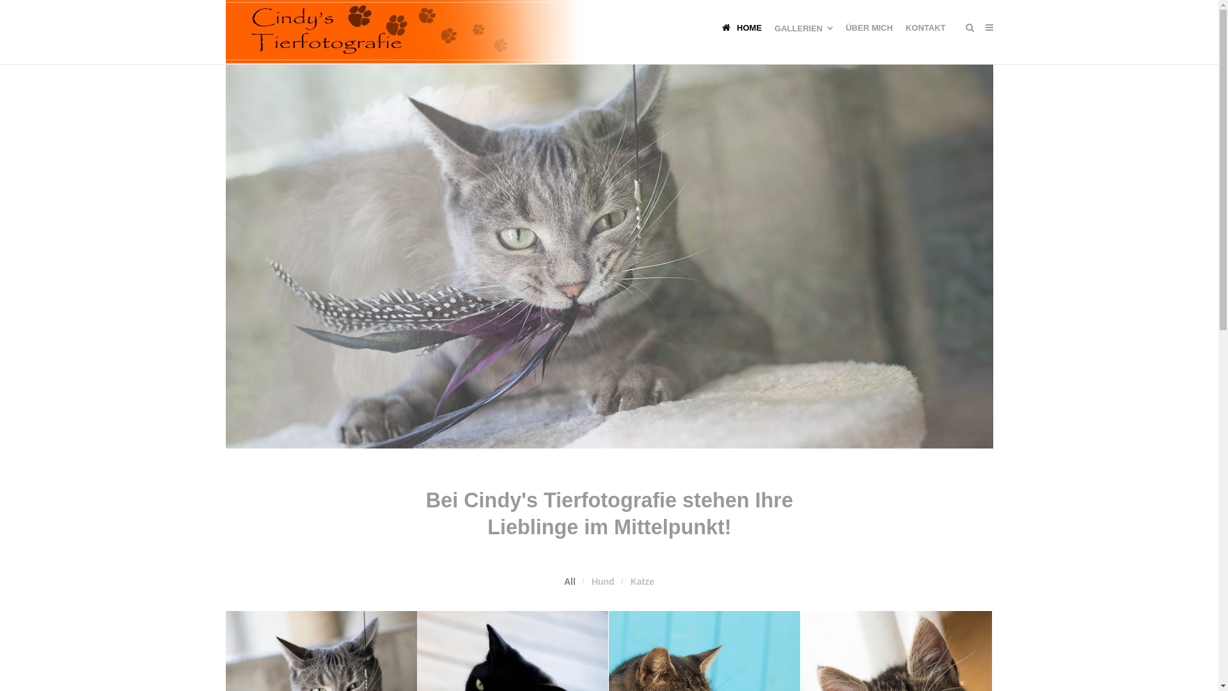 The width and height of the screenshot is (1228, 691). I want to click on 'All', so click(569, 582).